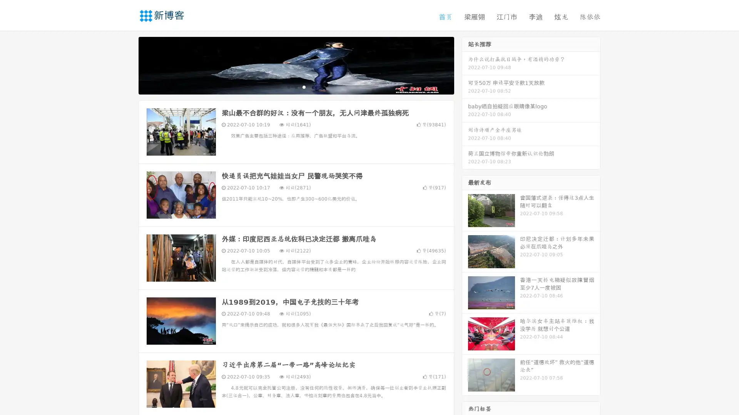 Image resolution: width=739 pixels, height=415 pixels. Describe the element at coordinates (465, 65) in the screenshot. I see `Next slide` at that location.